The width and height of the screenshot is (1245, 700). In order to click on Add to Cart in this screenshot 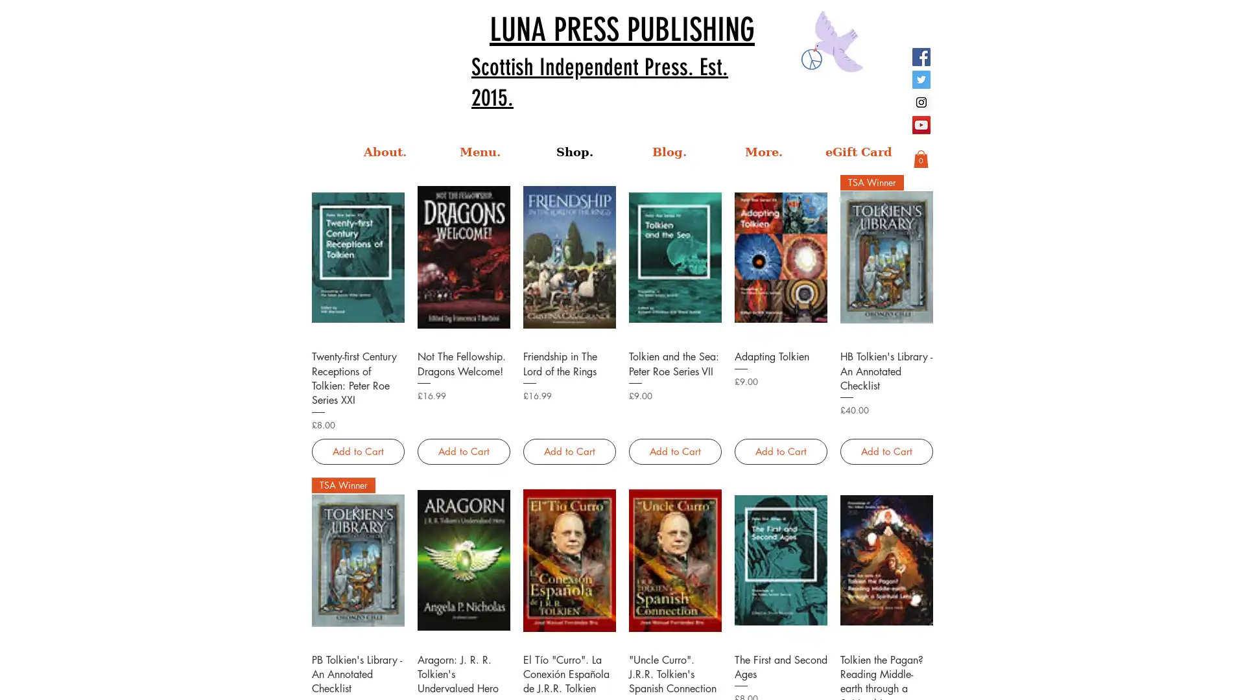, I will do `click(463, 450)`.